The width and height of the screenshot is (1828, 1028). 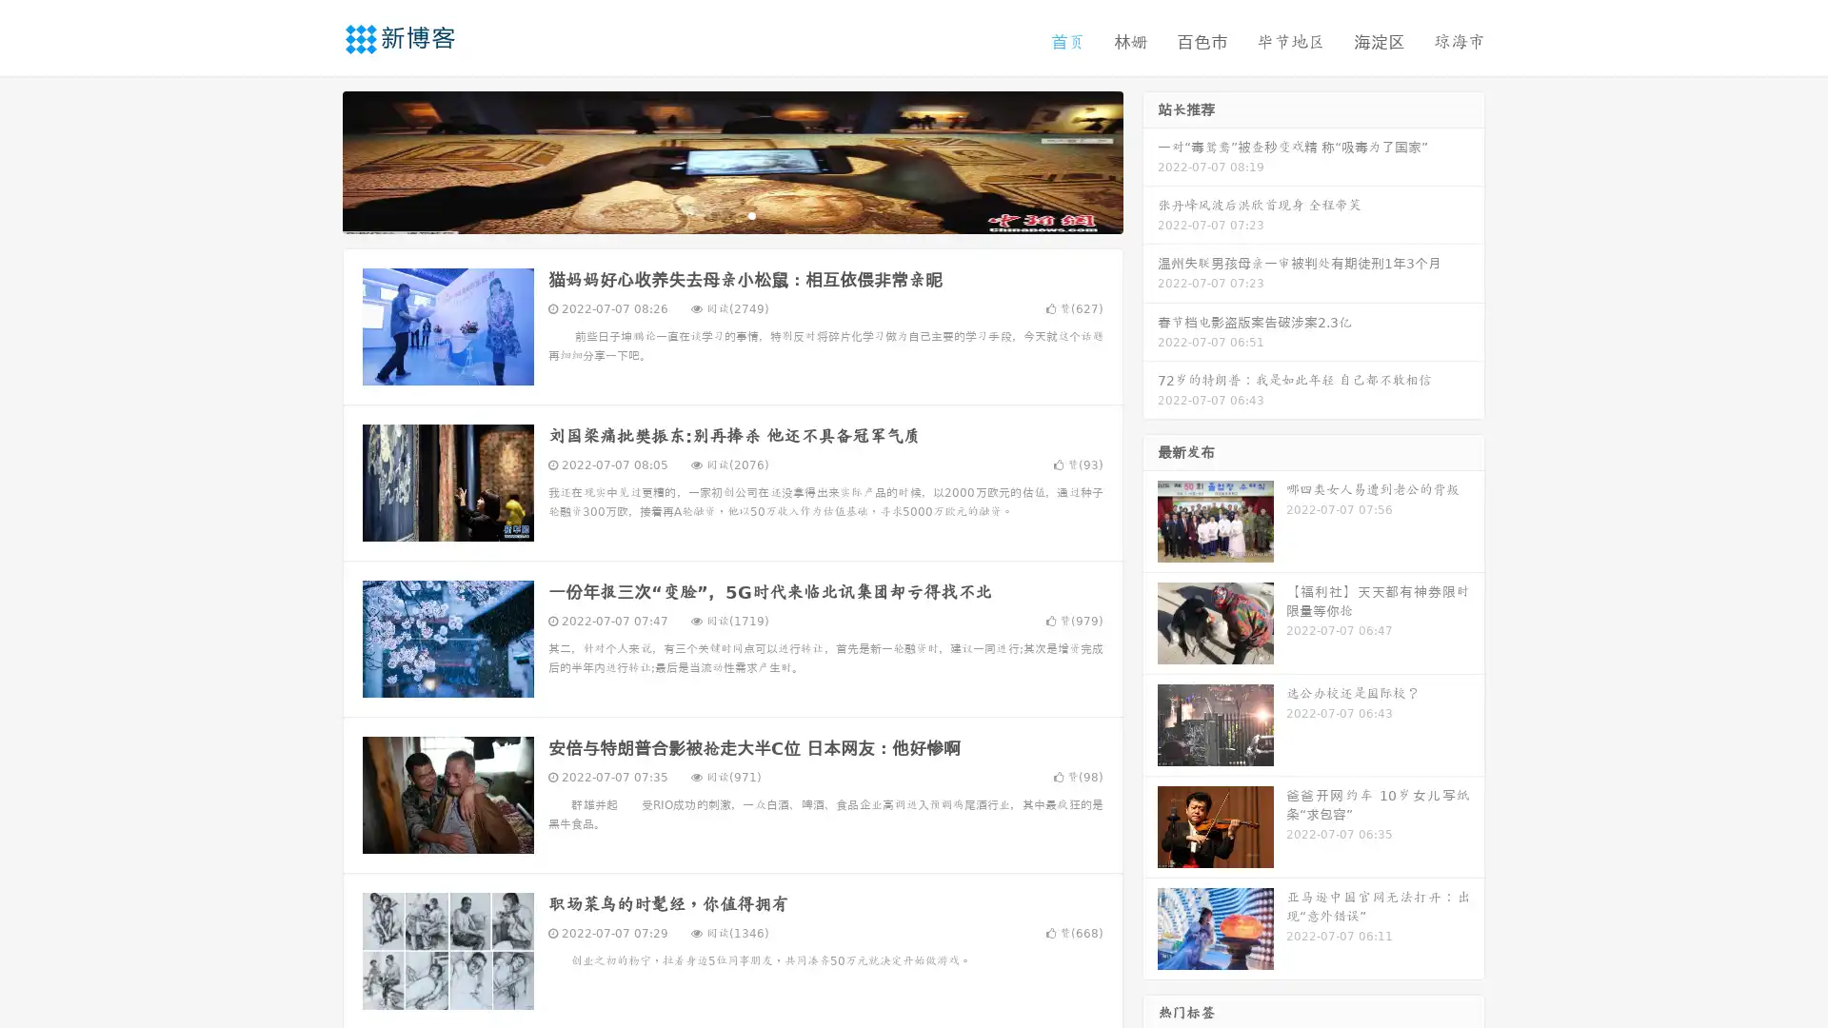 What do you see at coordinates (731, 214) in the screenshot?
I see `Go to slide 2` at bounding box center [731, 214].